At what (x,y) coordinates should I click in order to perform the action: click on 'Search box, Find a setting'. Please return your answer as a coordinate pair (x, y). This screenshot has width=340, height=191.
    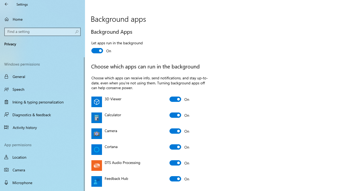
    Looking at the image, I should click on (42, 32).